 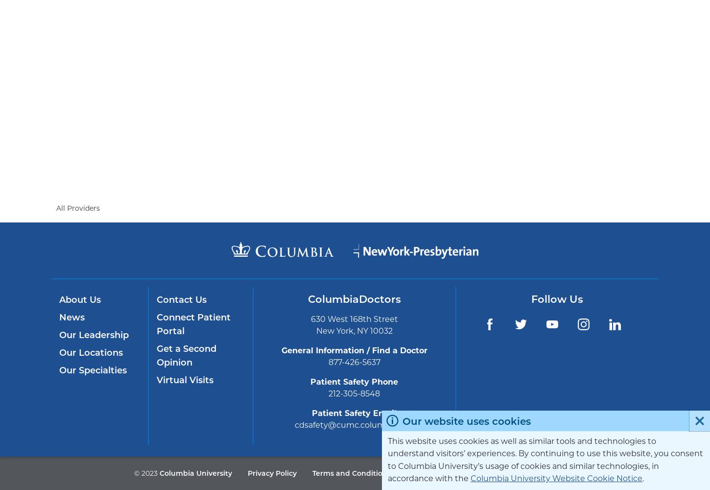 What do you see at coordinates (537, 472) in the screenshot?
I see `'212-305-2862'` at bounding box center [537, 472].